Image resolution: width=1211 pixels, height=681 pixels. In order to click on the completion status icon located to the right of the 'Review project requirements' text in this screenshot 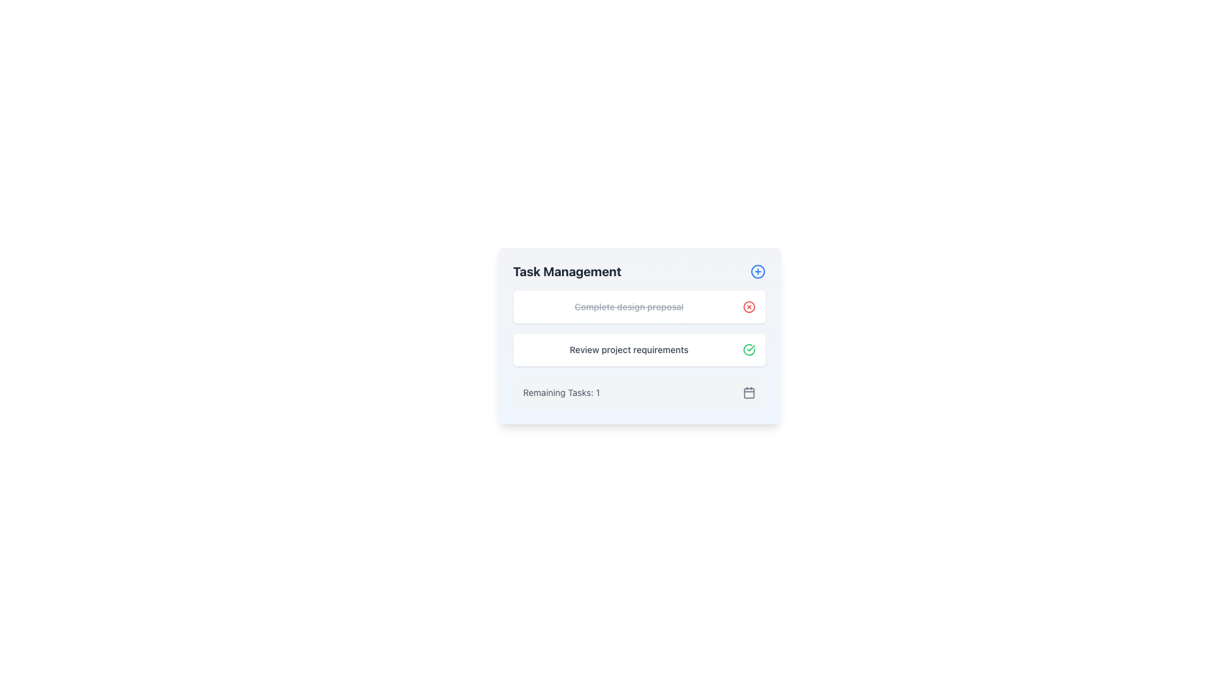, I will do `click(749, 350)`.